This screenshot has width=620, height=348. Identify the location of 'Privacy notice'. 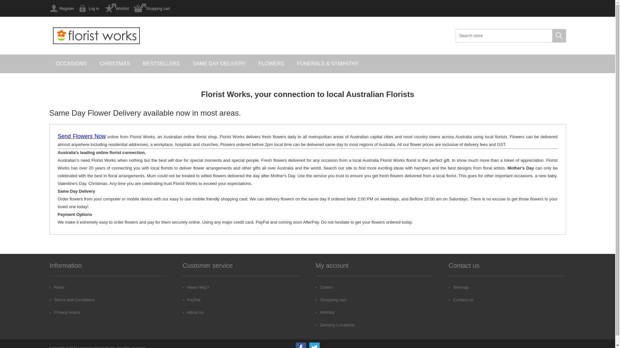
(65, 312).